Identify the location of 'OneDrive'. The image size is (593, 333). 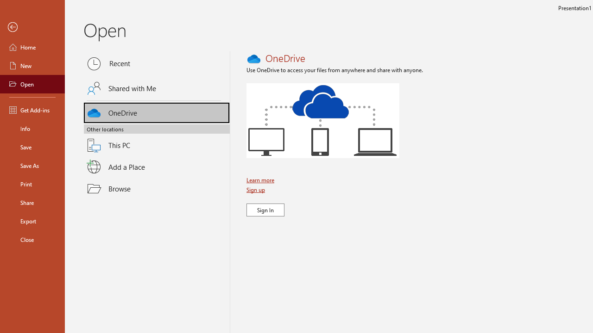
(157, 111).